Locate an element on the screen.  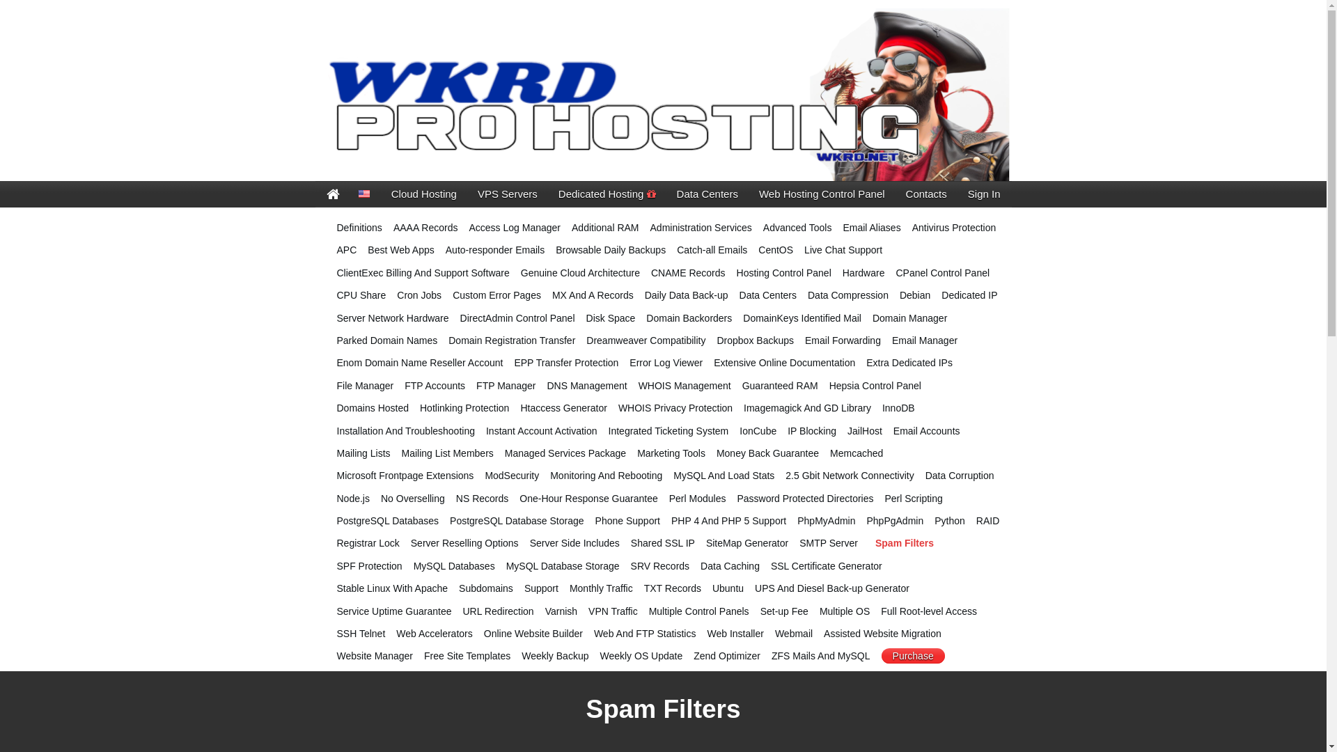
'Phone Support' is located at coordinates (627, 521).